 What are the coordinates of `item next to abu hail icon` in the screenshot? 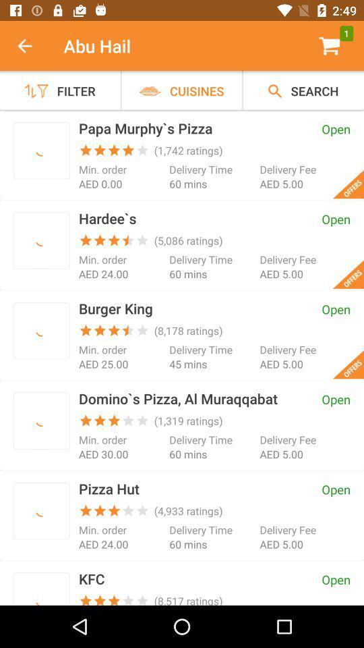 It's located at (32, 46).